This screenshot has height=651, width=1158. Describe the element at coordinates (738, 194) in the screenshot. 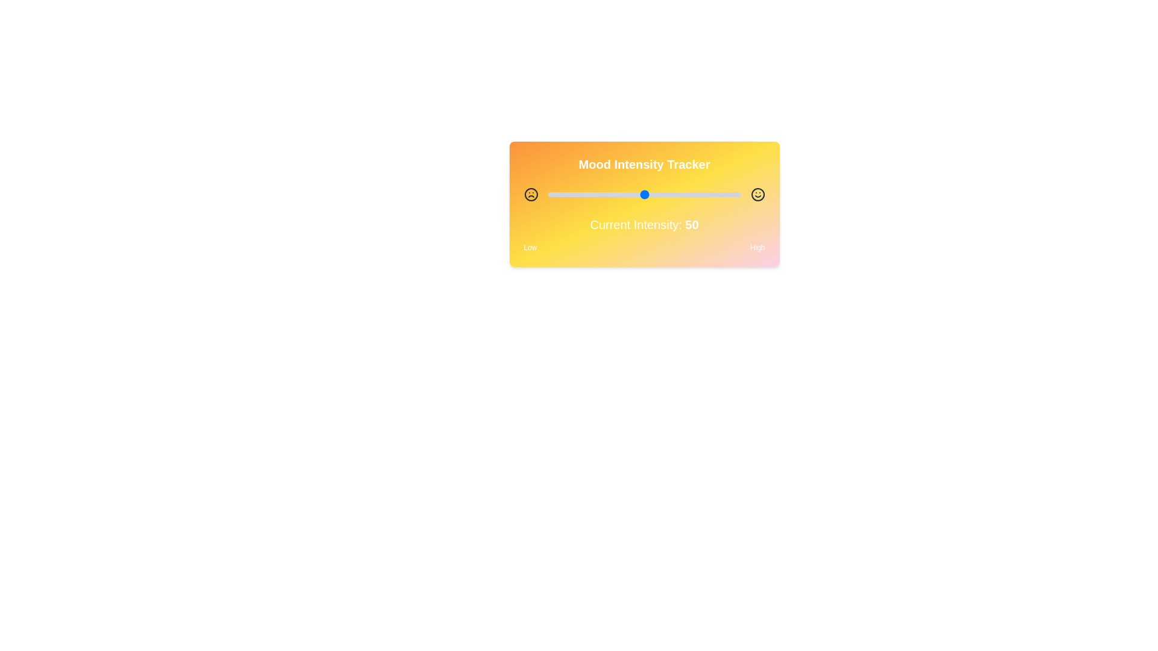

I see `the slider to set the intensity to 99` at that location.